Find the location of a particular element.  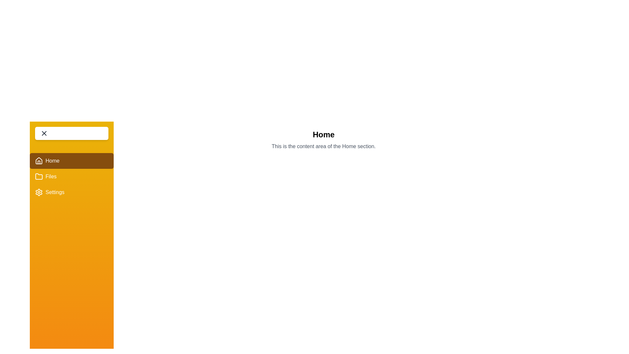

the Settings tab in the navigation menu is located at coordinates (72, 192).